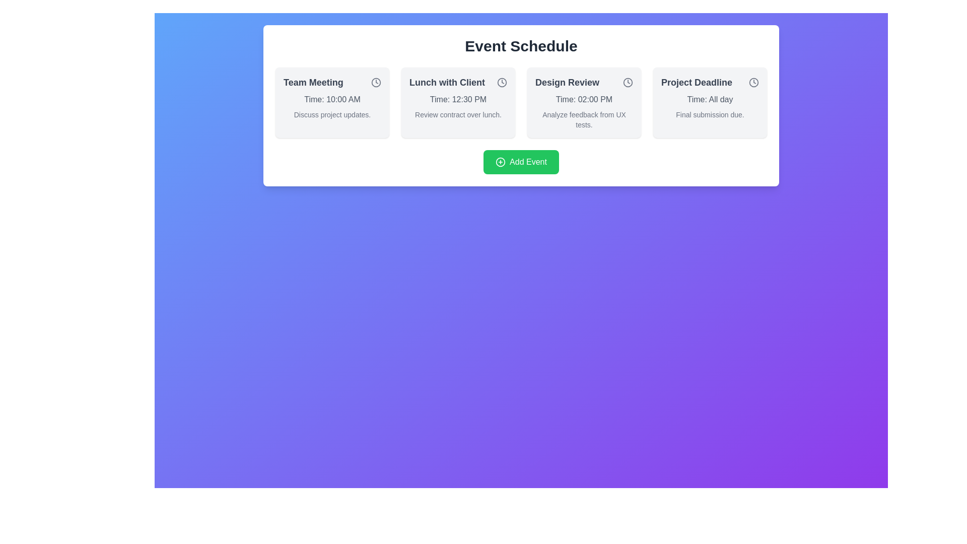 The height and width of the screenshot is (544, 967). Describe the element at coordinates (501, 161) in the screenshot. I see `the circular plus icon with a thin outline, which features a '+' symbol in the center, located within the green button labeled 'Add Event'` at that location.